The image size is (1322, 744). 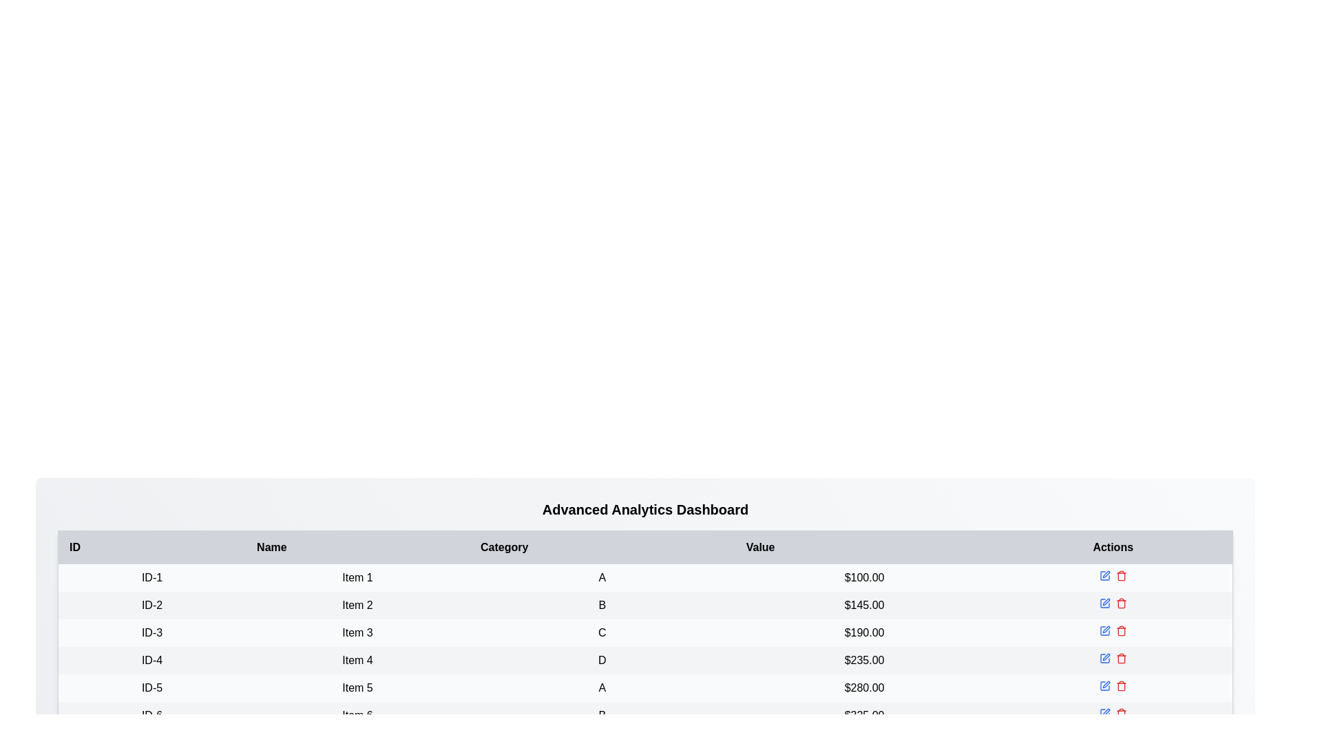 What do you see at coordinates (1113, 546) in the screenshot?
I see `the table header to sort by Actions` at bounding box center [1113, 546].